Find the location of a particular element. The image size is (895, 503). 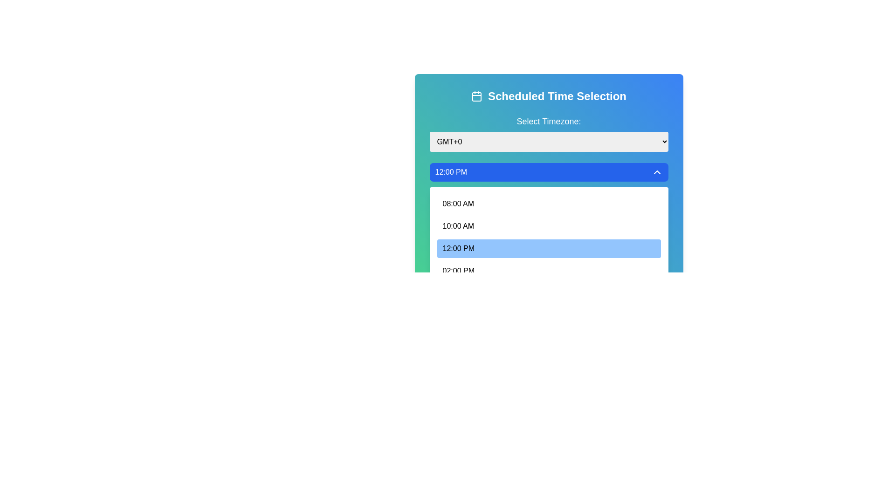

the Text label that serves as a label for the timezone selection dropdown menu located above the 'GMT+0' dropdown is located at coordinates (549, 121).